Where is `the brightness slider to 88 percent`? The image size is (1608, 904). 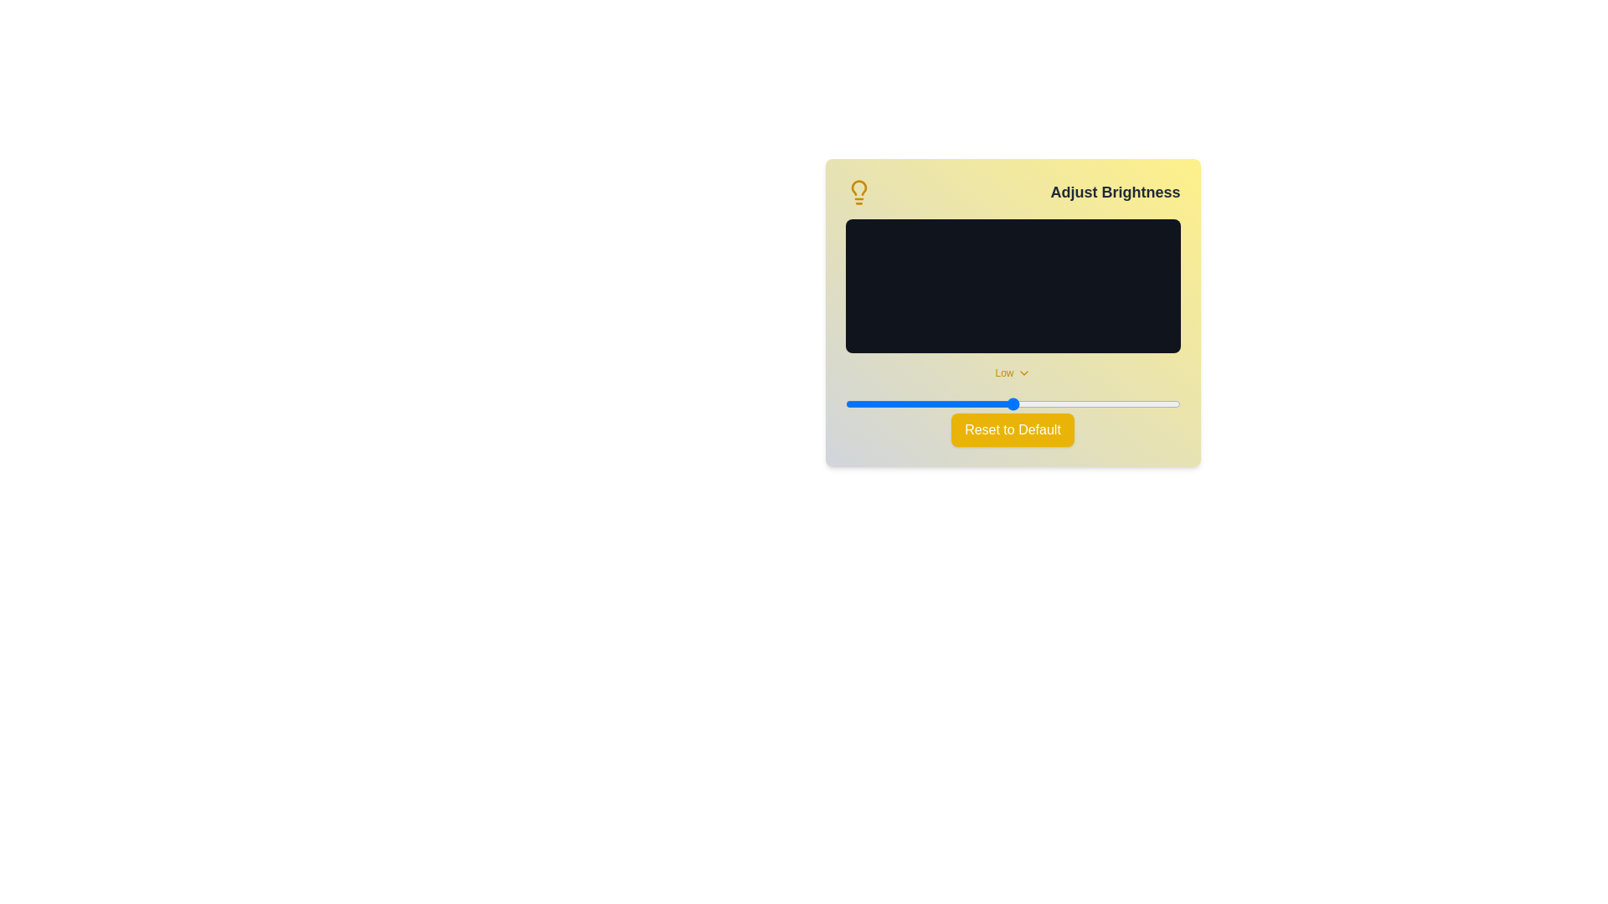
the brightness slider to 88 percent is located at coordinates (1139, 403).